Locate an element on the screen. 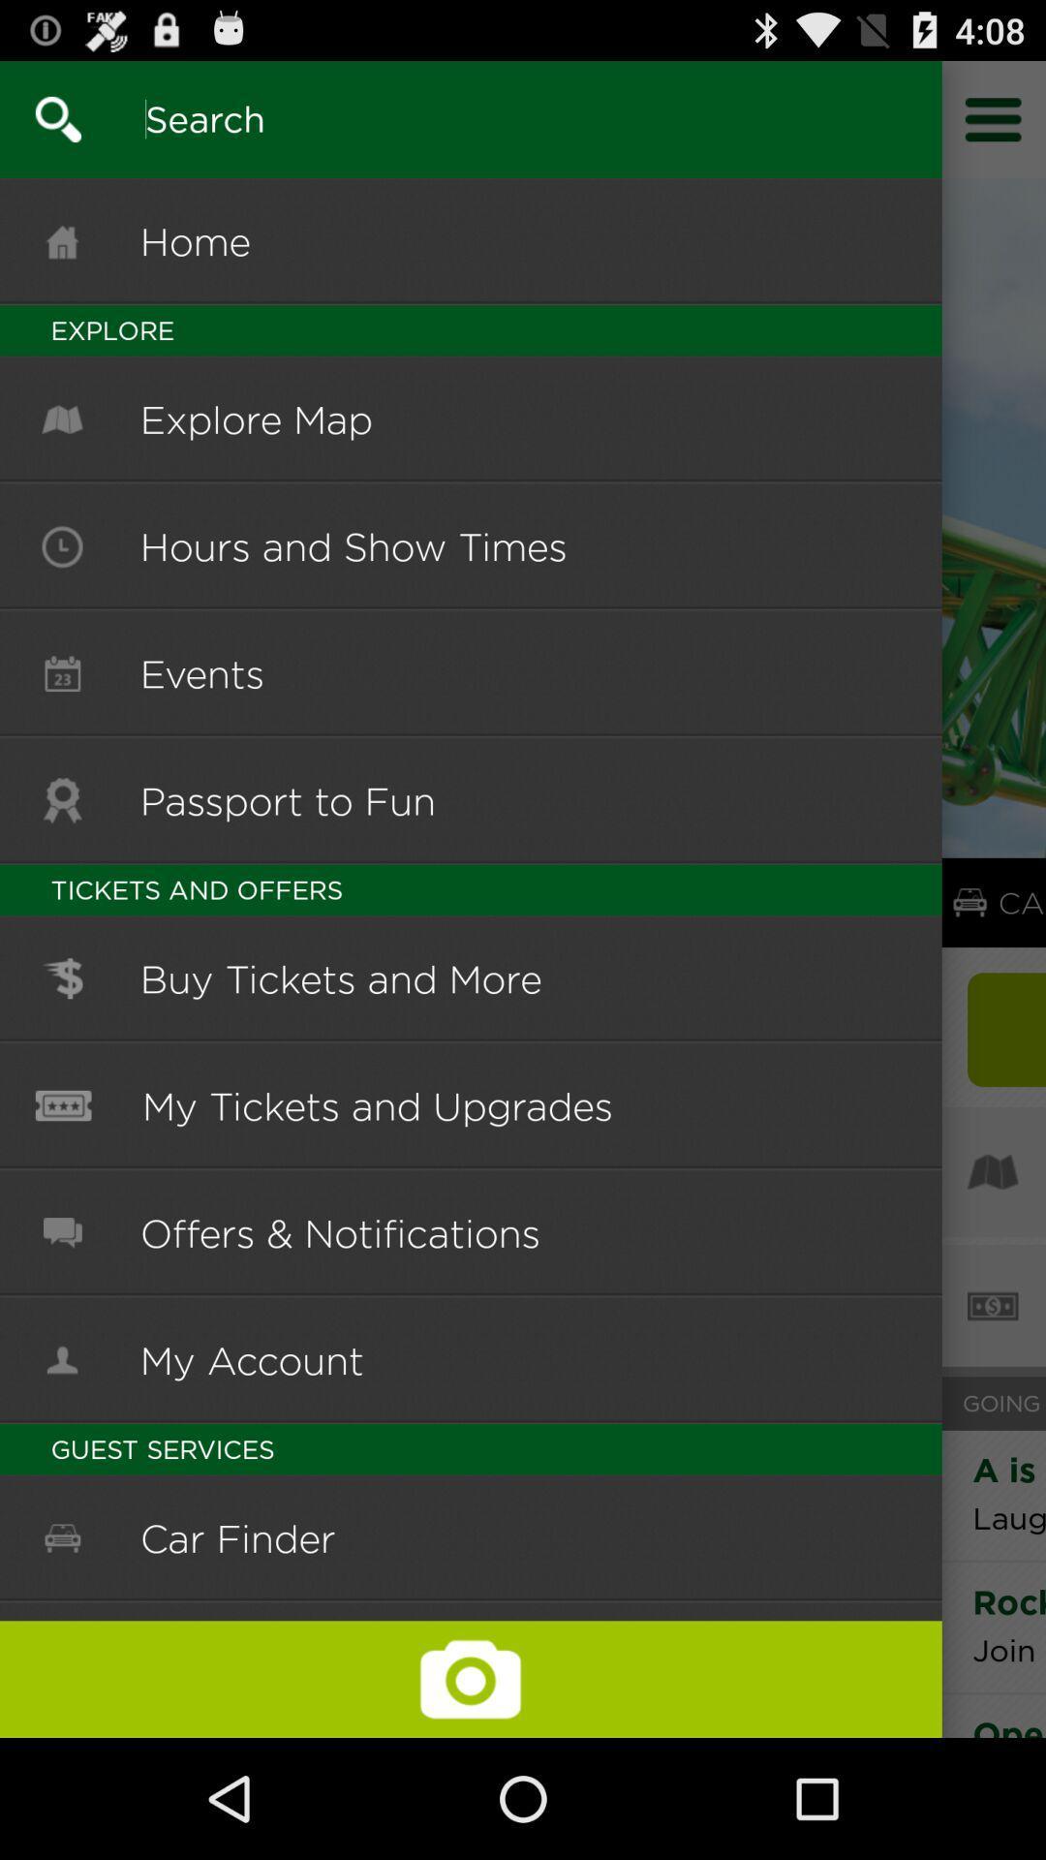  the menu icon is located at coordinates (994, 127).